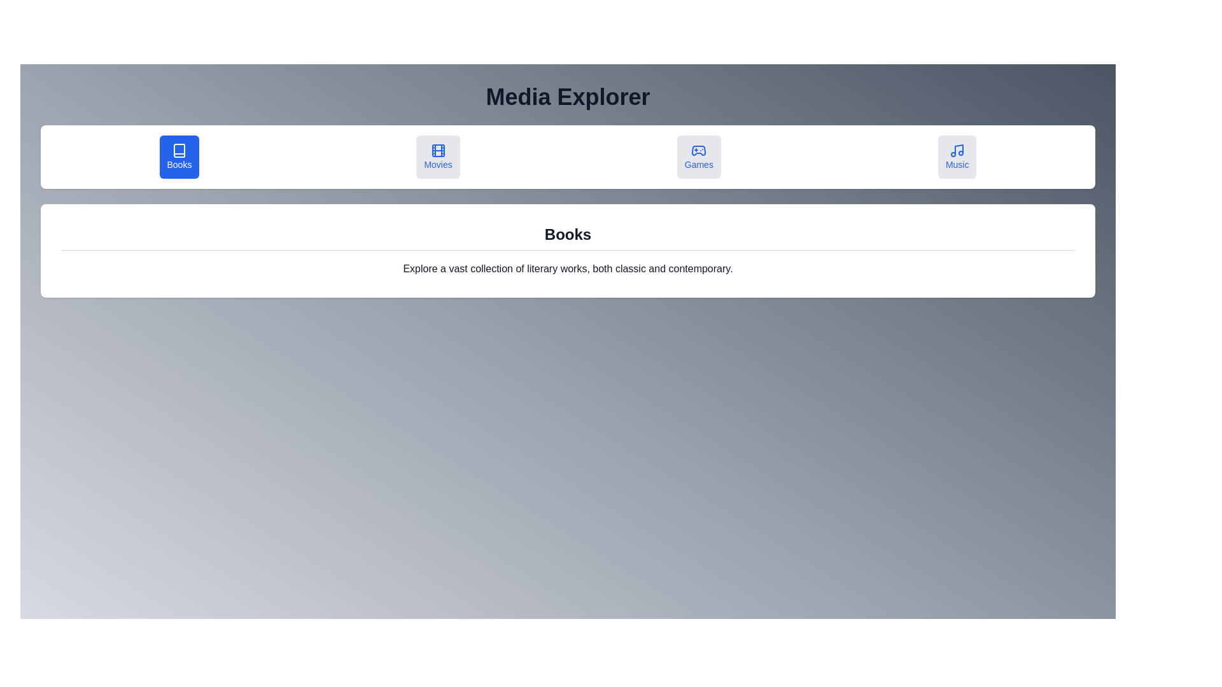  I want to click on the Books tab, so click(179, 156).